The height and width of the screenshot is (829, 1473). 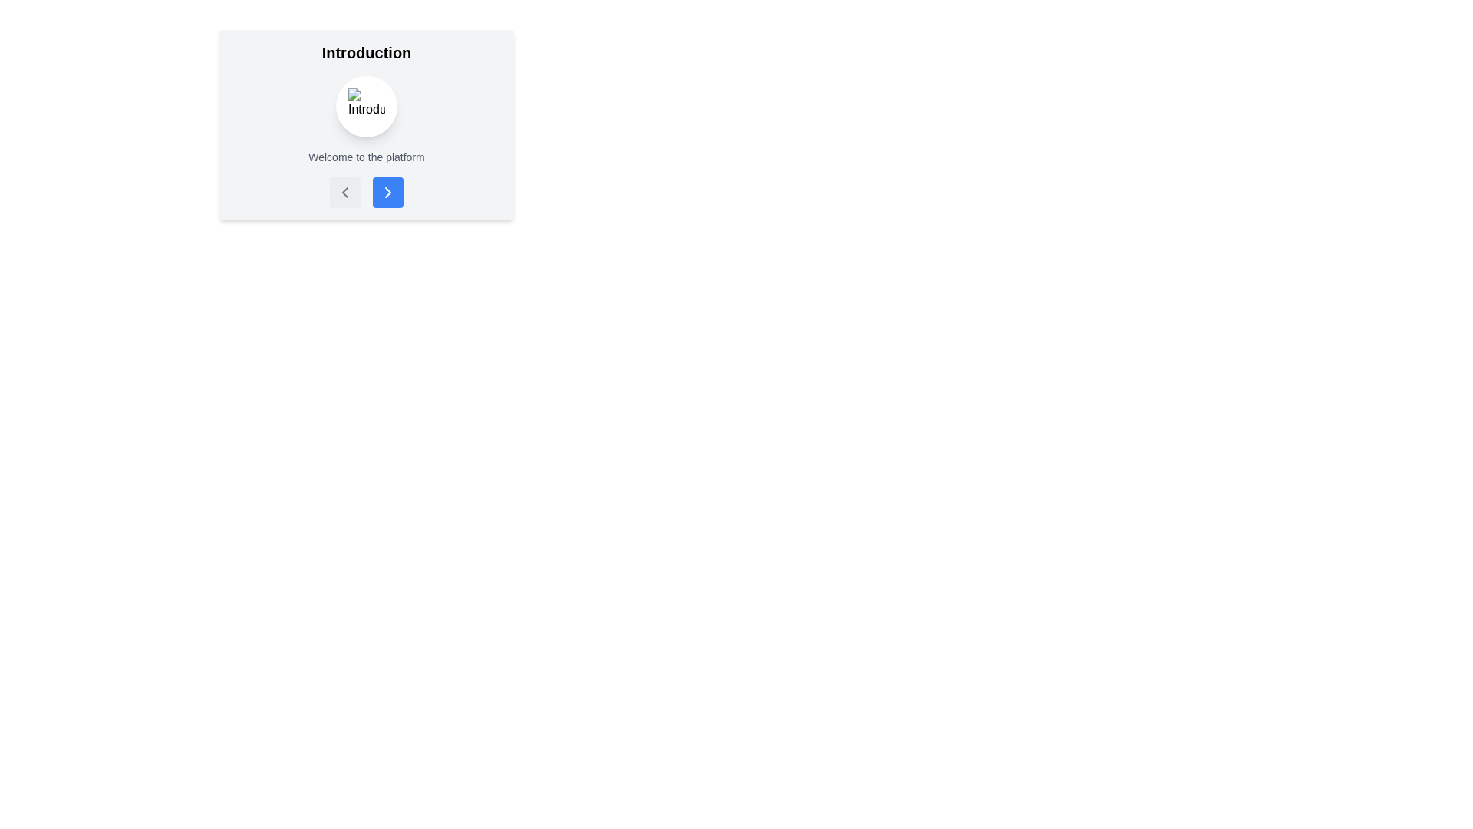 What do you see at coordinates (344, 191) in the screenshot?
I see `the navigation icon within the button located at the bottom center of the 'Introduction' interface card, which is to the left of the blue right-pointing chevron button` at bounding box center [344, 191].